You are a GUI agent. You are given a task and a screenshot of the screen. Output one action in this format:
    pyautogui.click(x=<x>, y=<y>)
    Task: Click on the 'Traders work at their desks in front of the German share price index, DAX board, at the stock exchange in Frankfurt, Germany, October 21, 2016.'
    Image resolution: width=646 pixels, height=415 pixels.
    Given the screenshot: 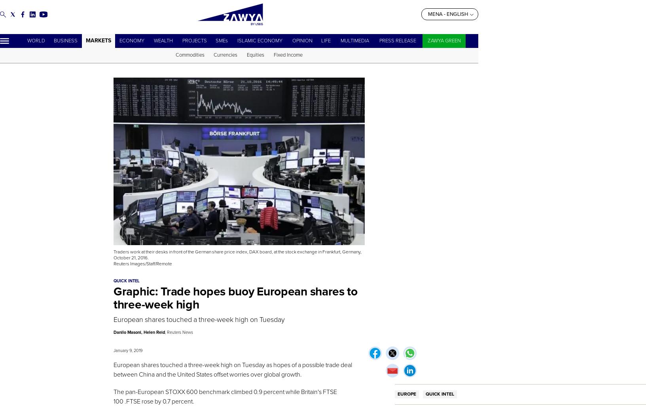 What is the action you would take?
    pyautogui.click(x=237, y=254)
    